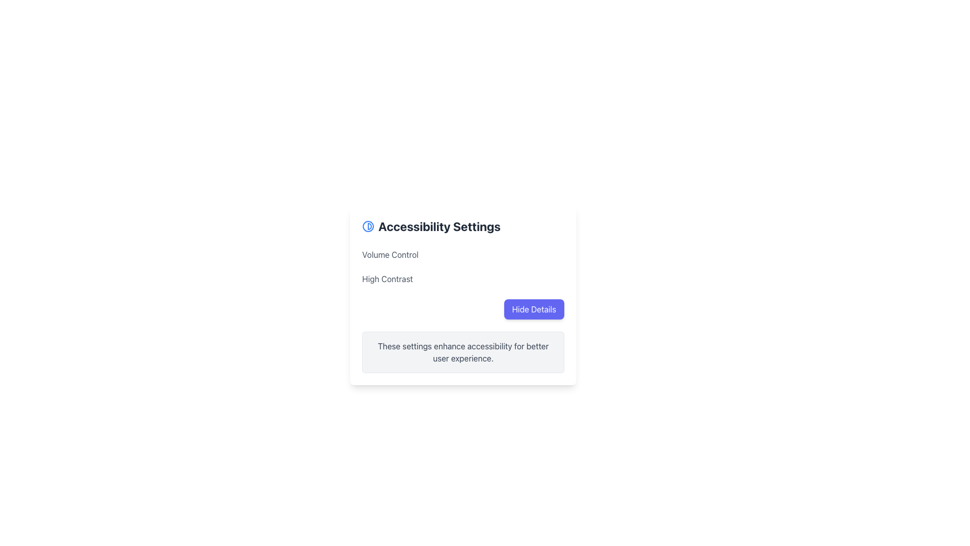 The width and height of the screenshot is (970, 546). Describe the element at coordinates (533, 309) in the screenshot. I see `the indigo button labeled 'Hide Details' located at the bottom-right corner of the 'Accessibility Settings' card to hide the details` at that location.